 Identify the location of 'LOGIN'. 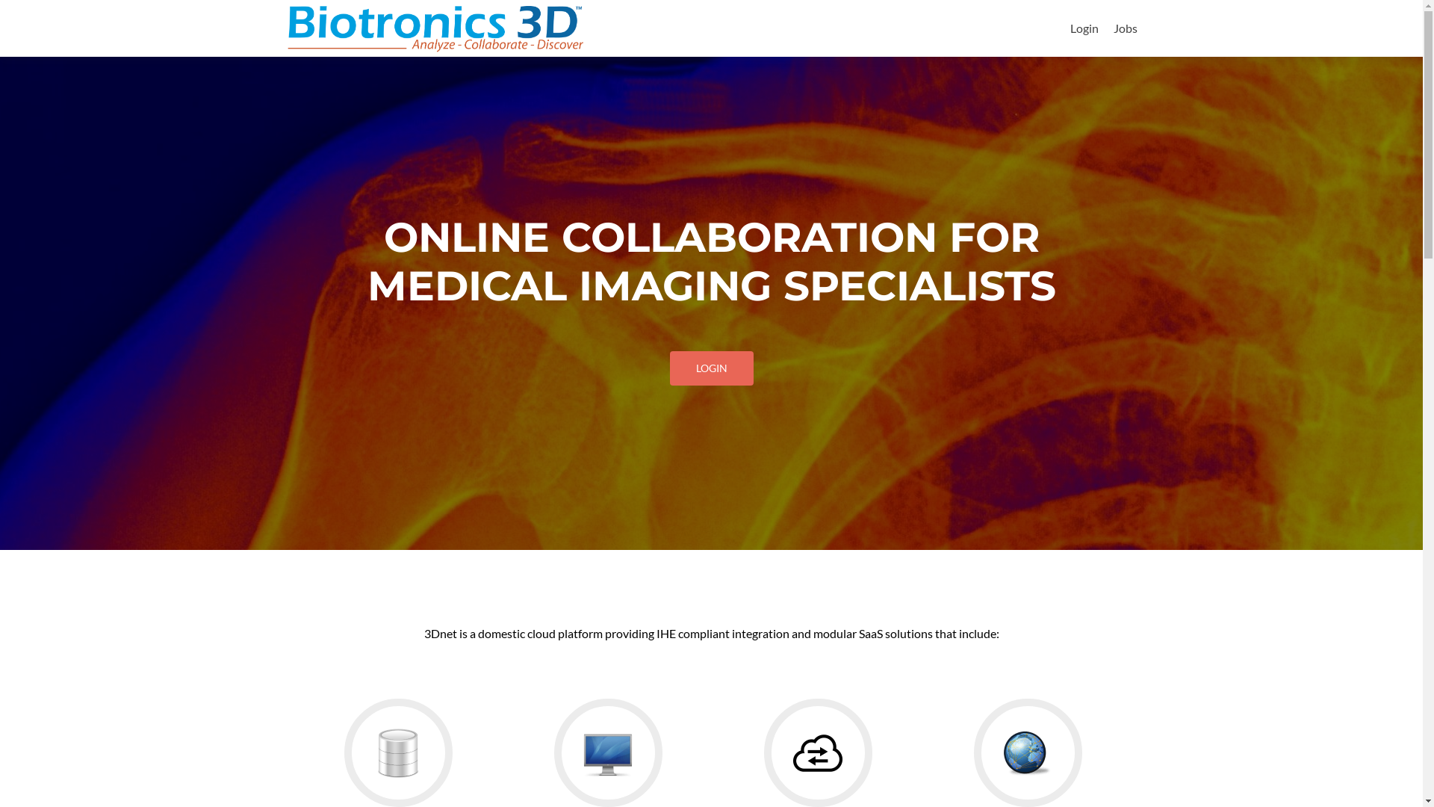
(710, 368).